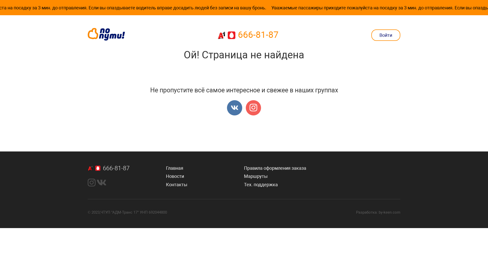 This screenshot has width=488, height=274. I want to click on '666-81-87', so click(127, 168).